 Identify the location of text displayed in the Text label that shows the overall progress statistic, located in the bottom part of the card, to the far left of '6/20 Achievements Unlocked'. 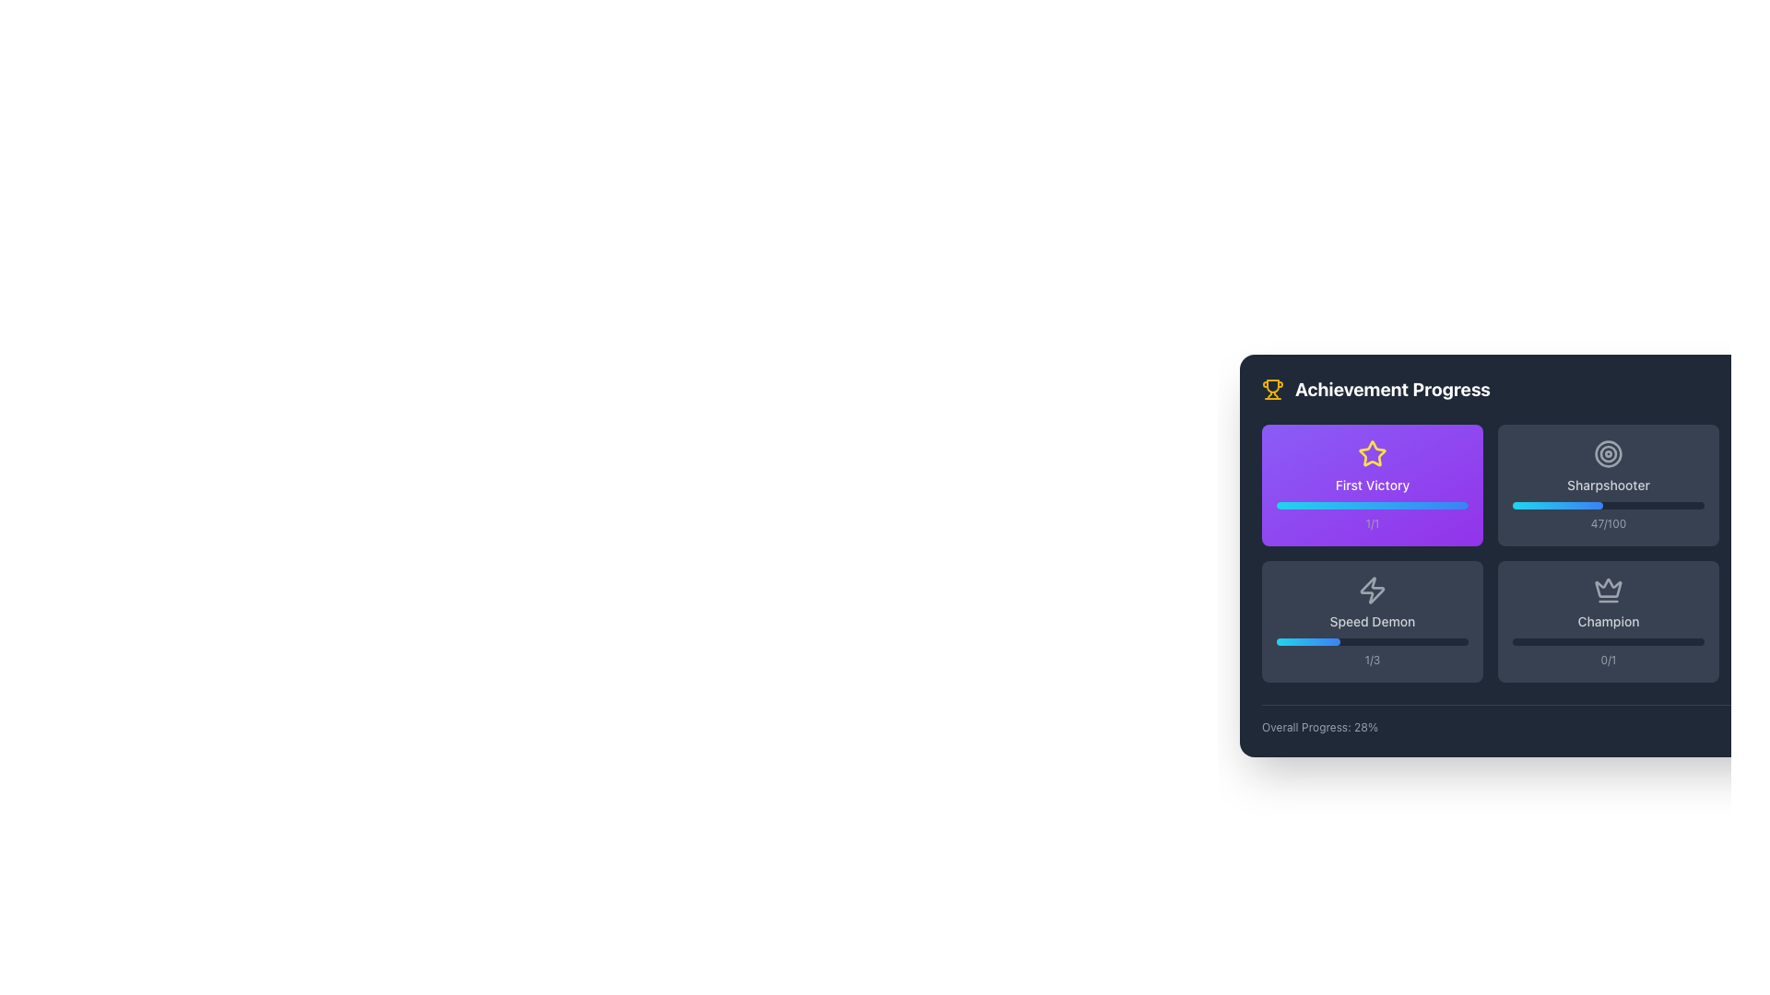
(1319, 727).